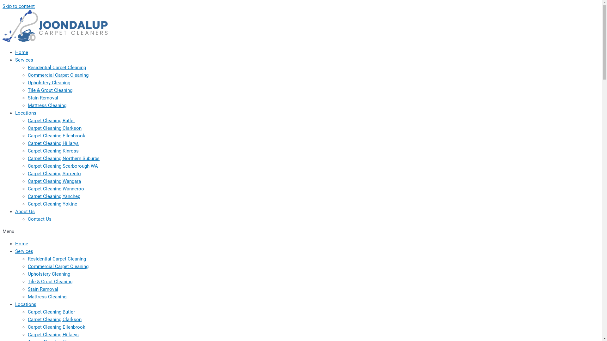 The image size is (607, 341). What do you see at coordinates (54, 181) in the screenshot?
I see `'Carpet Cleaning Wangara'` at bounding box center [54, 181].